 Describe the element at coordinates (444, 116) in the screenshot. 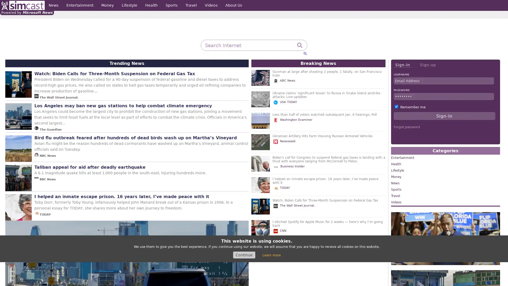

I see `Sign-in` at that location.